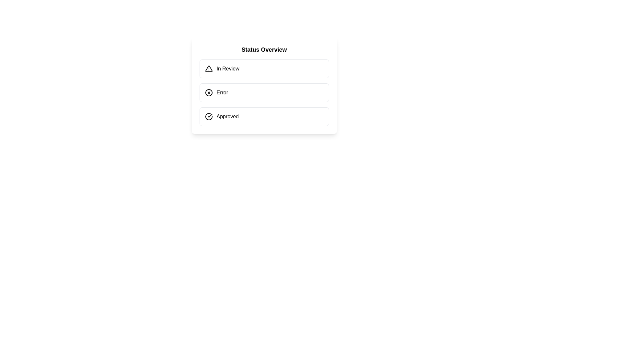  I want to click on the 'Approved' text label, which is part of the status indicators under 'Status Overview' and is located to the right of a checkmark icon, so click(227, 117).